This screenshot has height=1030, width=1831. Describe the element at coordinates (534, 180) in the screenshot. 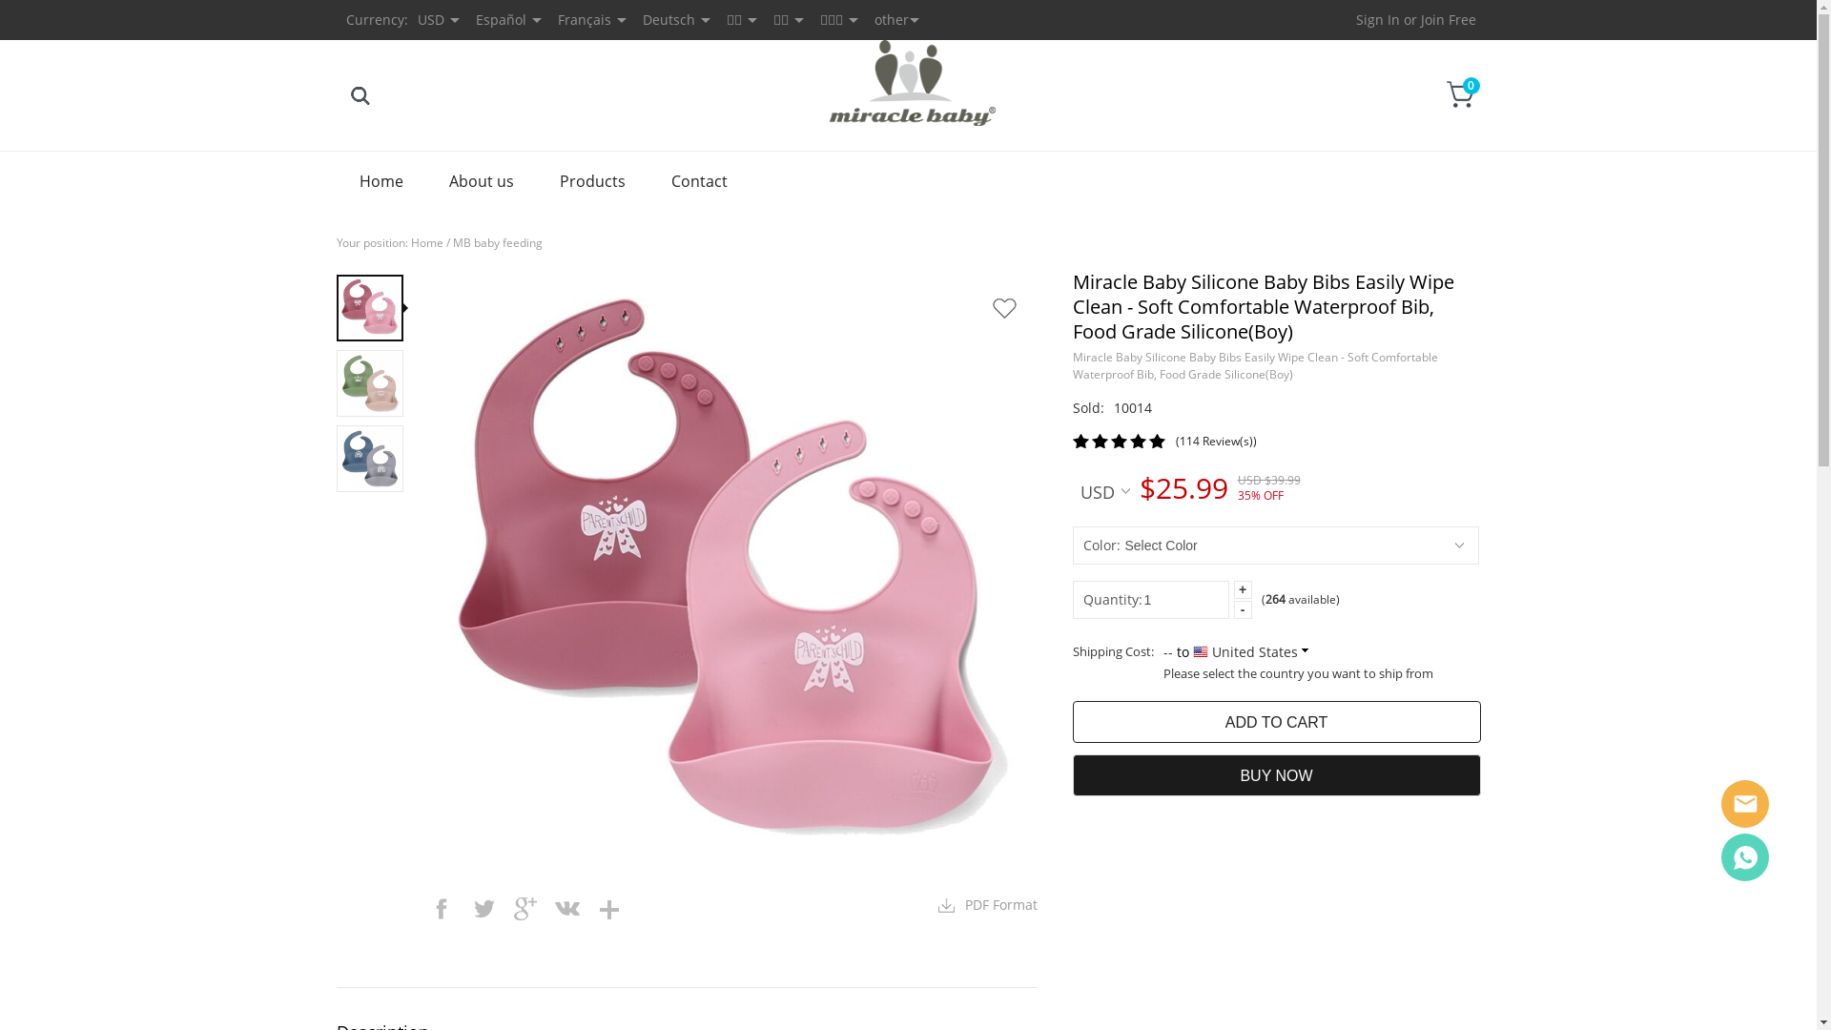

I see `'Products'` at that location.